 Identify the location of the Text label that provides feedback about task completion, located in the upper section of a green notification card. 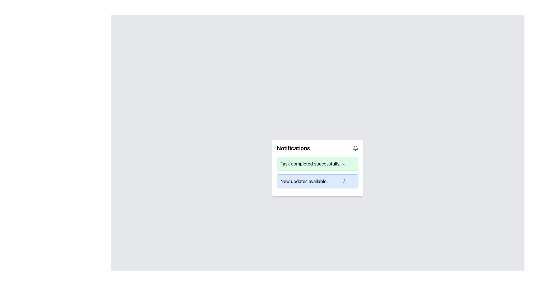
(310, 164).